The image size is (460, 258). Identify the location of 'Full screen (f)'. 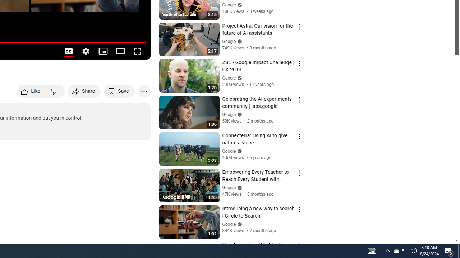
(137, 51).